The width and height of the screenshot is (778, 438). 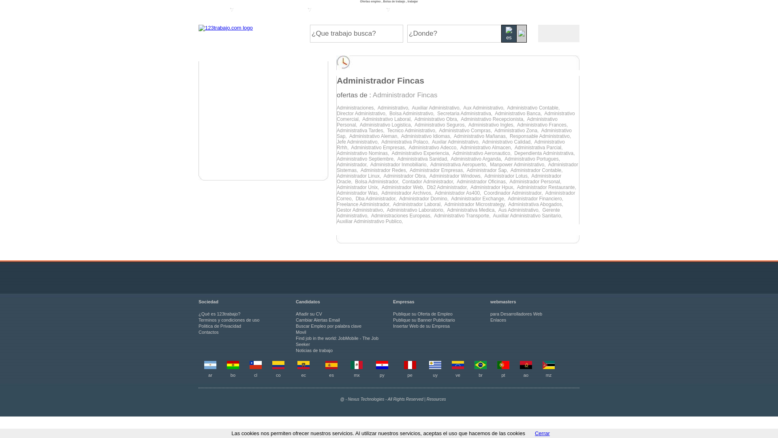 I want to click on 'Administrativa Medica, ', so click(x=472, y=209).